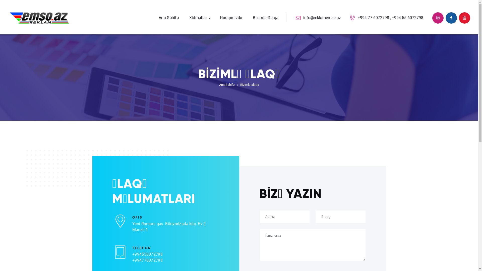  I want to click on 'info@reklamemso.az', so click(318, 18).